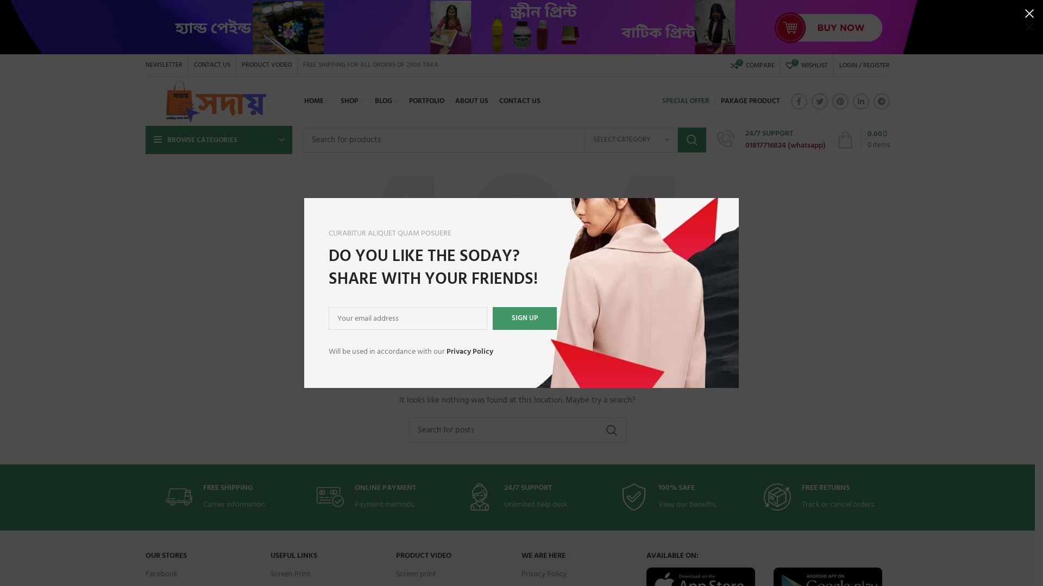 The image size is (1043, 586). Describe the element at coordinates (578, 556) in the screenshot. I see `'WE ARE HERE'` at that location.